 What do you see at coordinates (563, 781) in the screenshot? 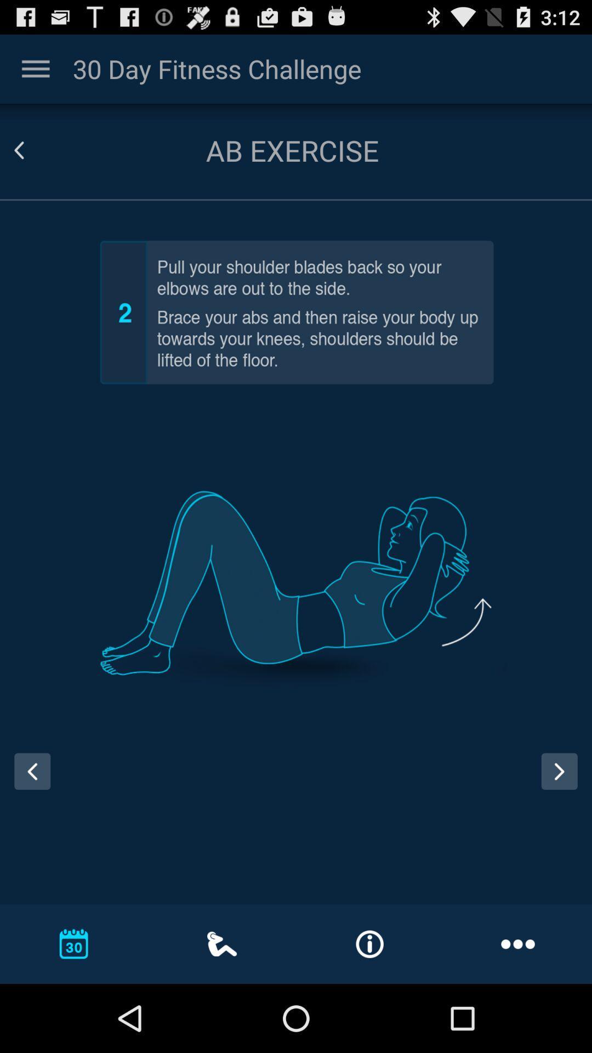
I see `next page` at bounding box center [563, 781].